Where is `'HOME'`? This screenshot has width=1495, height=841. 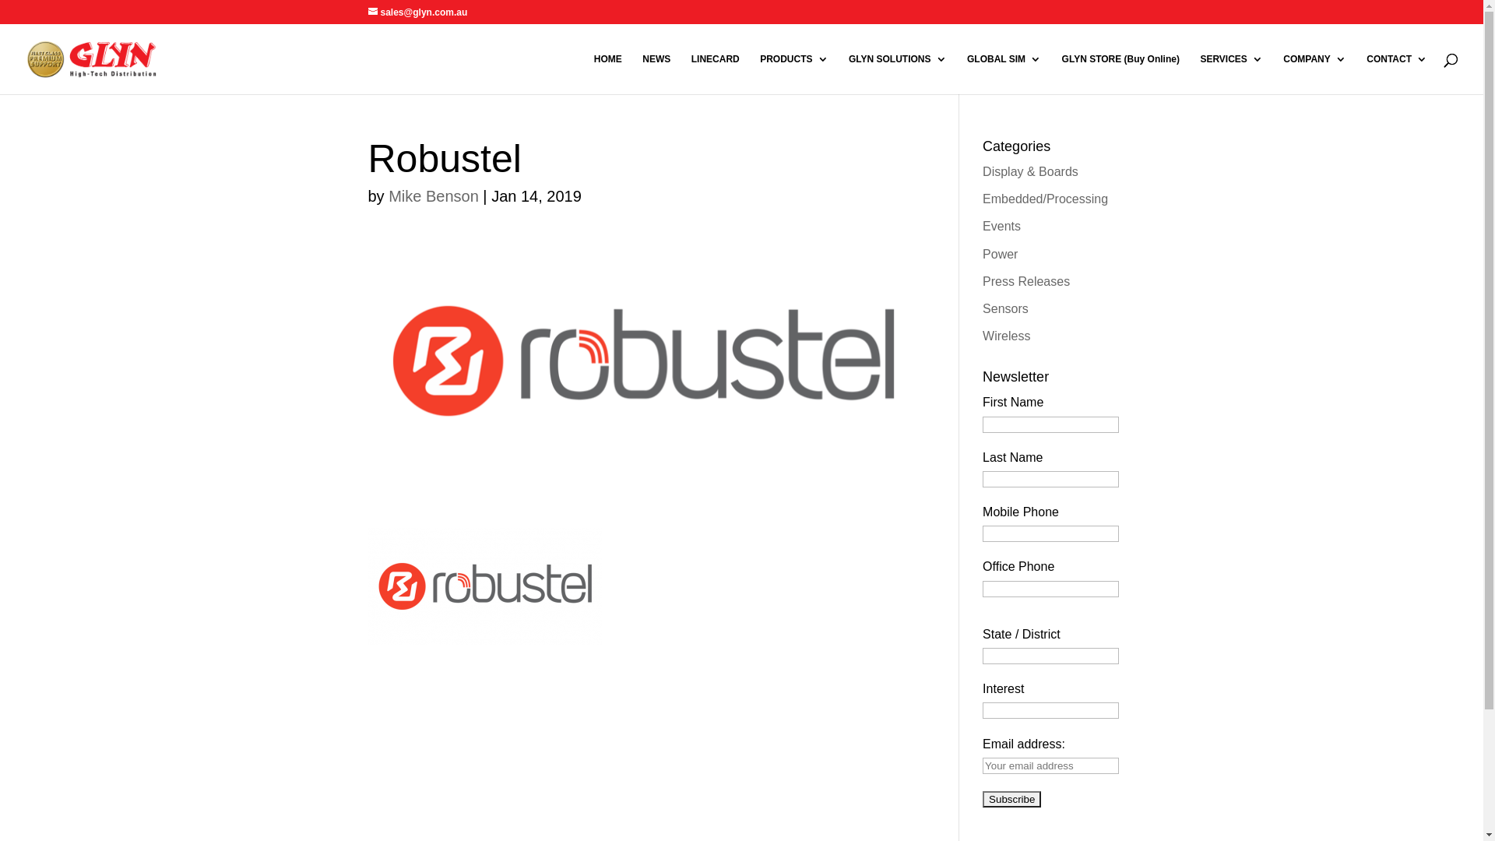 'HOME' is located at coordinates (607, 74).